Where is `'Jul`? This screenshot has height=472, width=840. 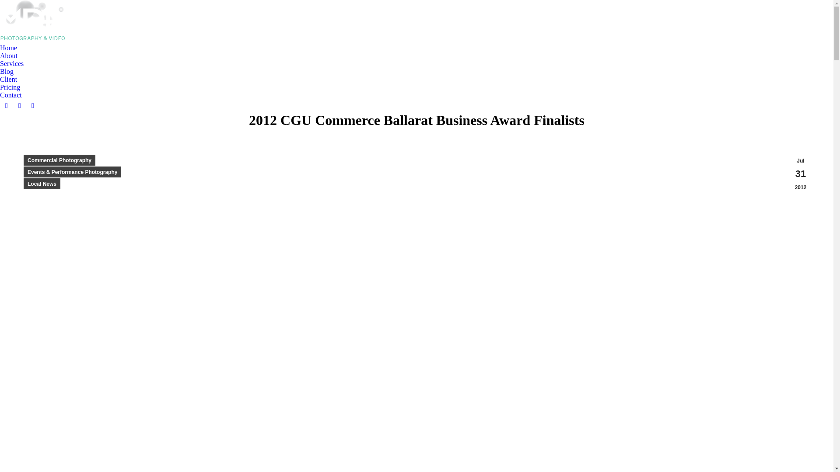 'Jul is located at coordinates (800, 174).